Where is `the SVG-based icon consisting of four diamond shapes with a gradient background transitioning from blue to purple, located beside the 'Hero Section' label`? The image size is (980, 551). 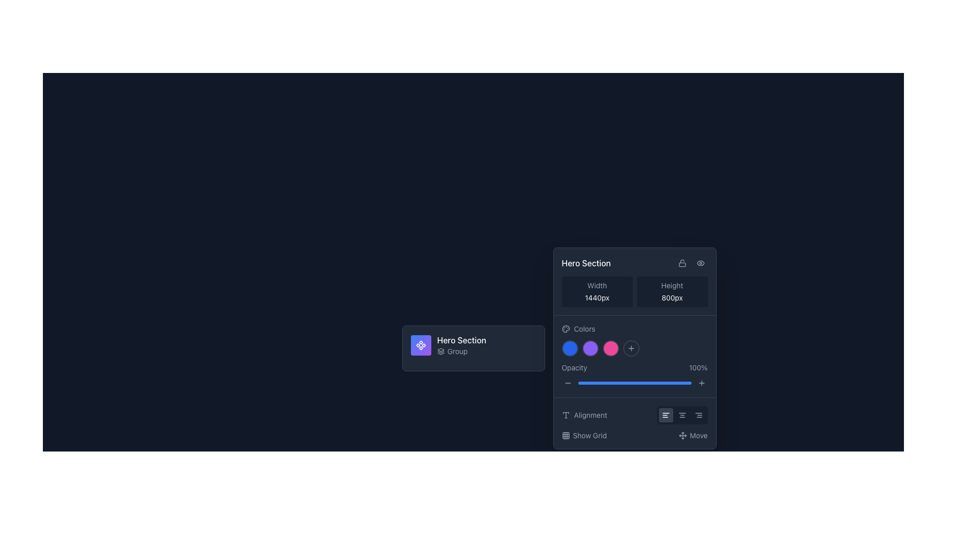
the SVG-based icon consisting of four diamond shapes with a gradient background transitioning from blue to purple, located beside the 'Hero Section' label is located at coordinates (421, 345).